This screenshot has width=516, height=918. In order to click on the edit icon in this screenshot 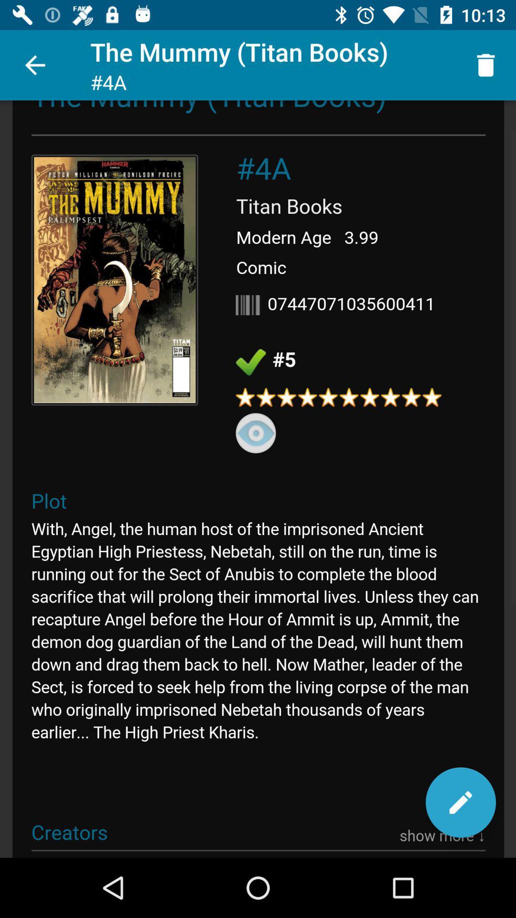, I will do `click(460, 802)`.